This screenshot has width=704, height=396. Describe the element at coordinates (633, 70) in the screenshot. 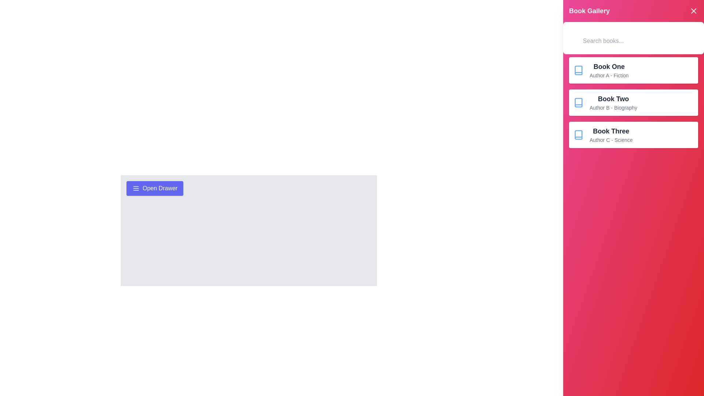

I see `the book item corresponding to Book One to view its details` at that location.